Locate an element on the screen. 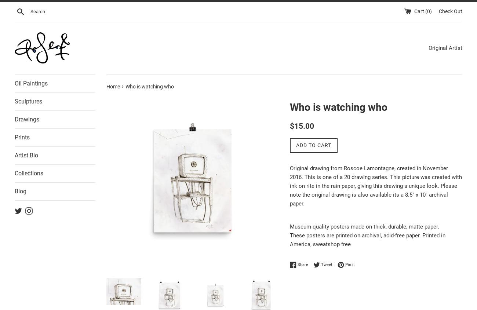  'Museum-quality posters made on thick, durable, matte paper.' is located at coordinates (364, 226).